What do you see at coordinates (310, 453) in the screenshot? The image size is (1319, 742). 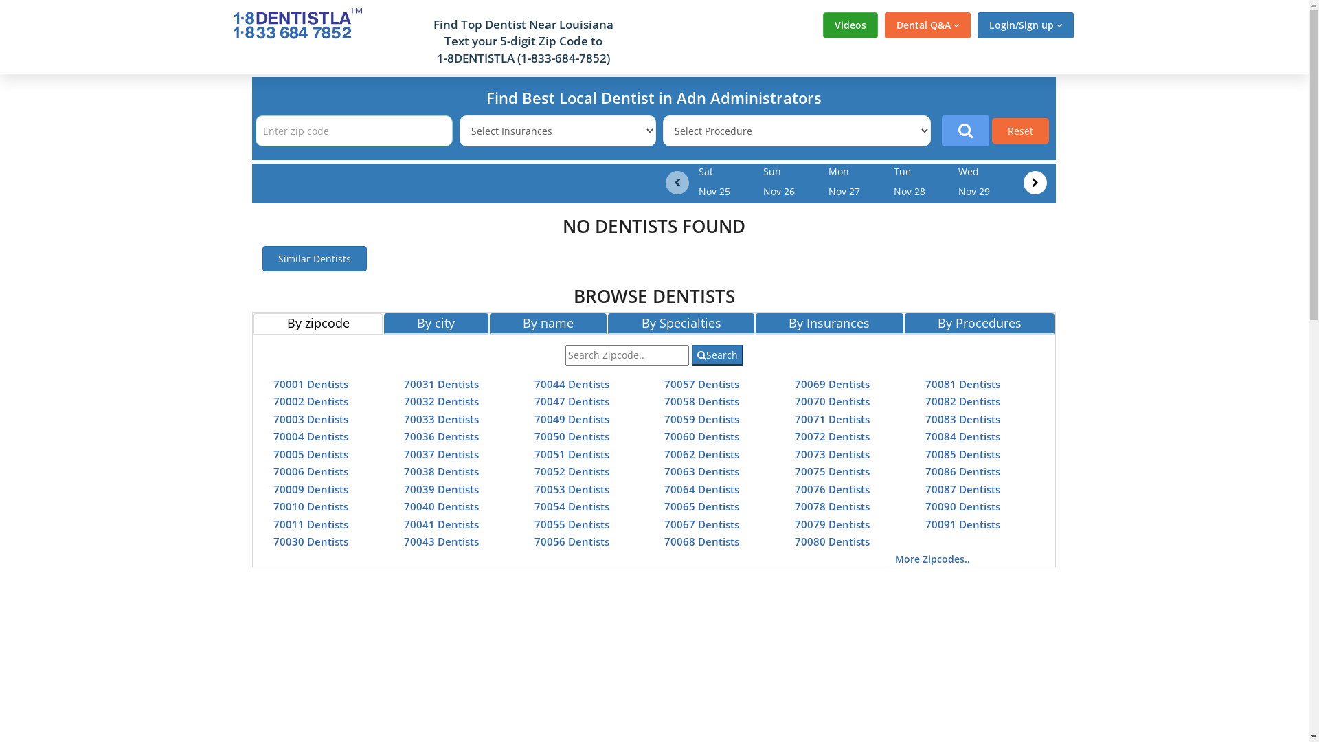 I see `'70005 Dentists'` at bounding box center [310, 453].